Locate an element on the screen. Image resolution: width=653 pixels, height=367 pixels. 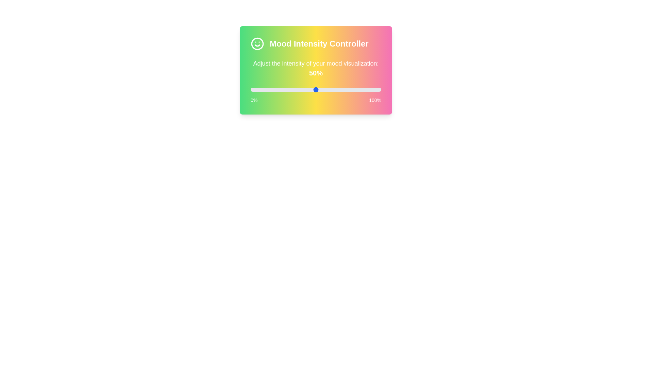
the slider to 85% is located at coordinates (361, 89).